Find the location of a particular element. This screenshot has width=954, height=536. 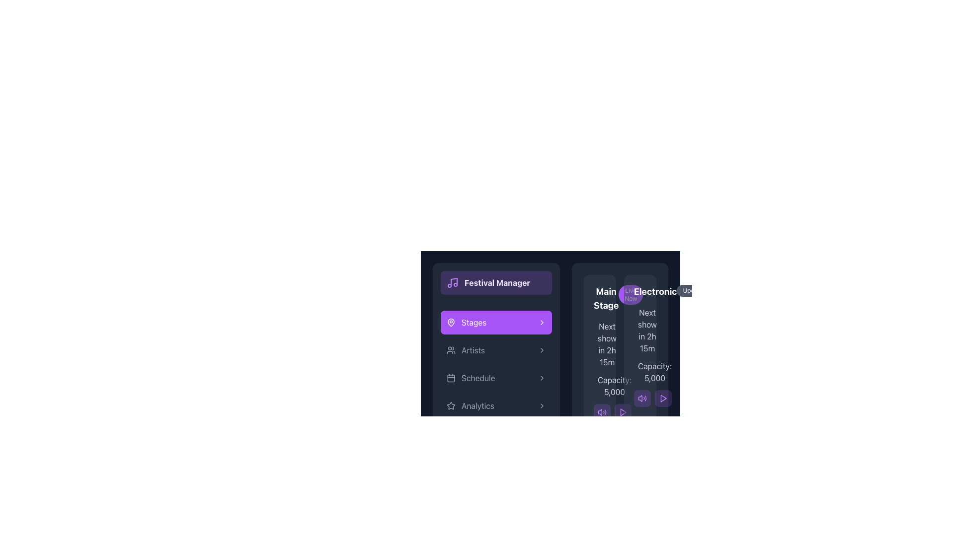

the active status badge located in the top-right area of the 'Main Stage' card, which indicates live status for the corresponding activity is located at coordinates (630, 294).